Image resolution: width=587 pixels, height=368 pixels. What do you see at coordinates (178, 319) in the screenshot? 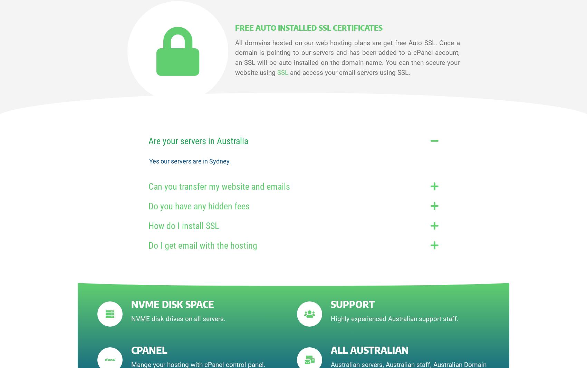
I see `'NVME disk drives on all servers.'` at bounding box center [178, 319].